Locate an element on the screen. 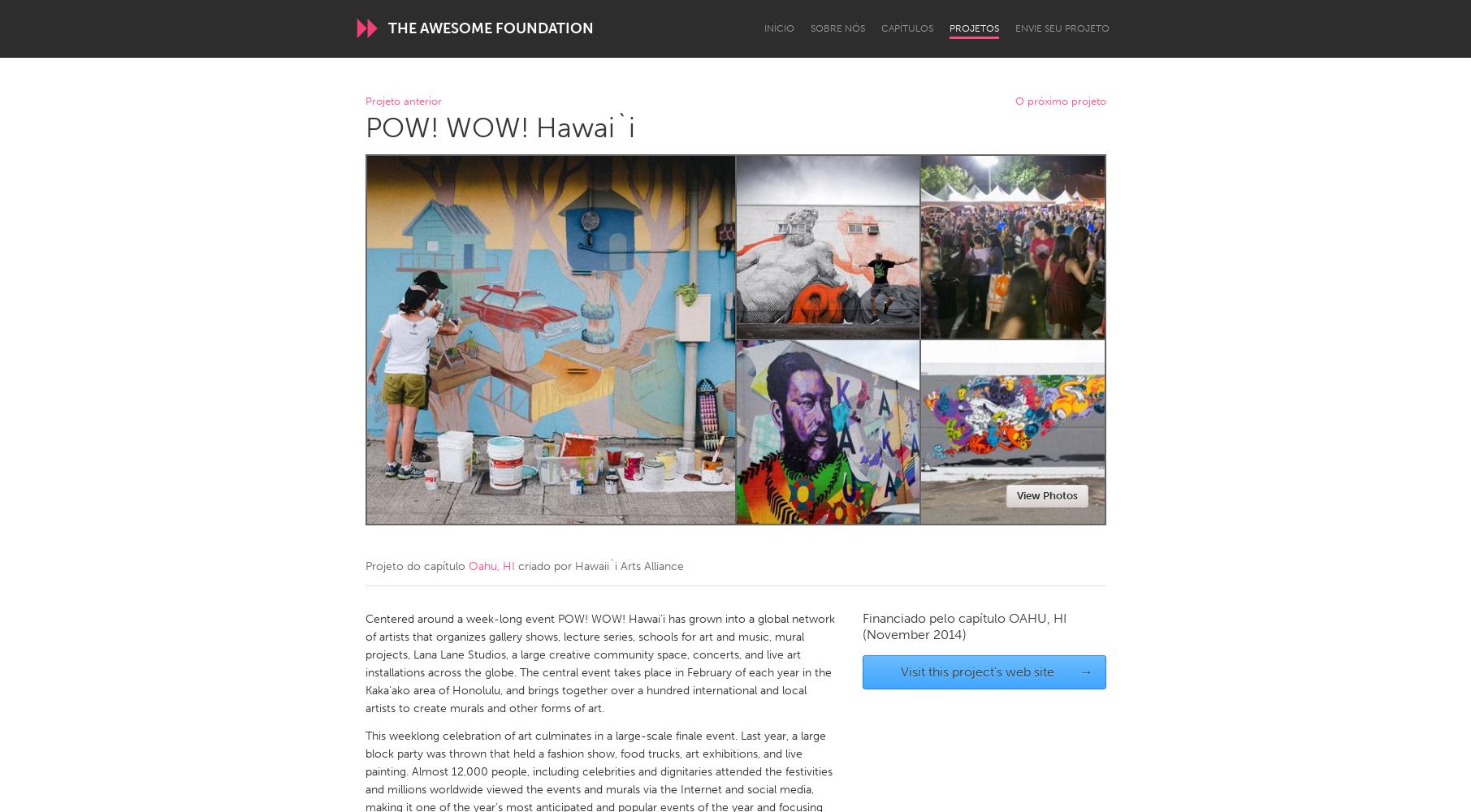  'Projetos' is located at coordinates (947, 28).